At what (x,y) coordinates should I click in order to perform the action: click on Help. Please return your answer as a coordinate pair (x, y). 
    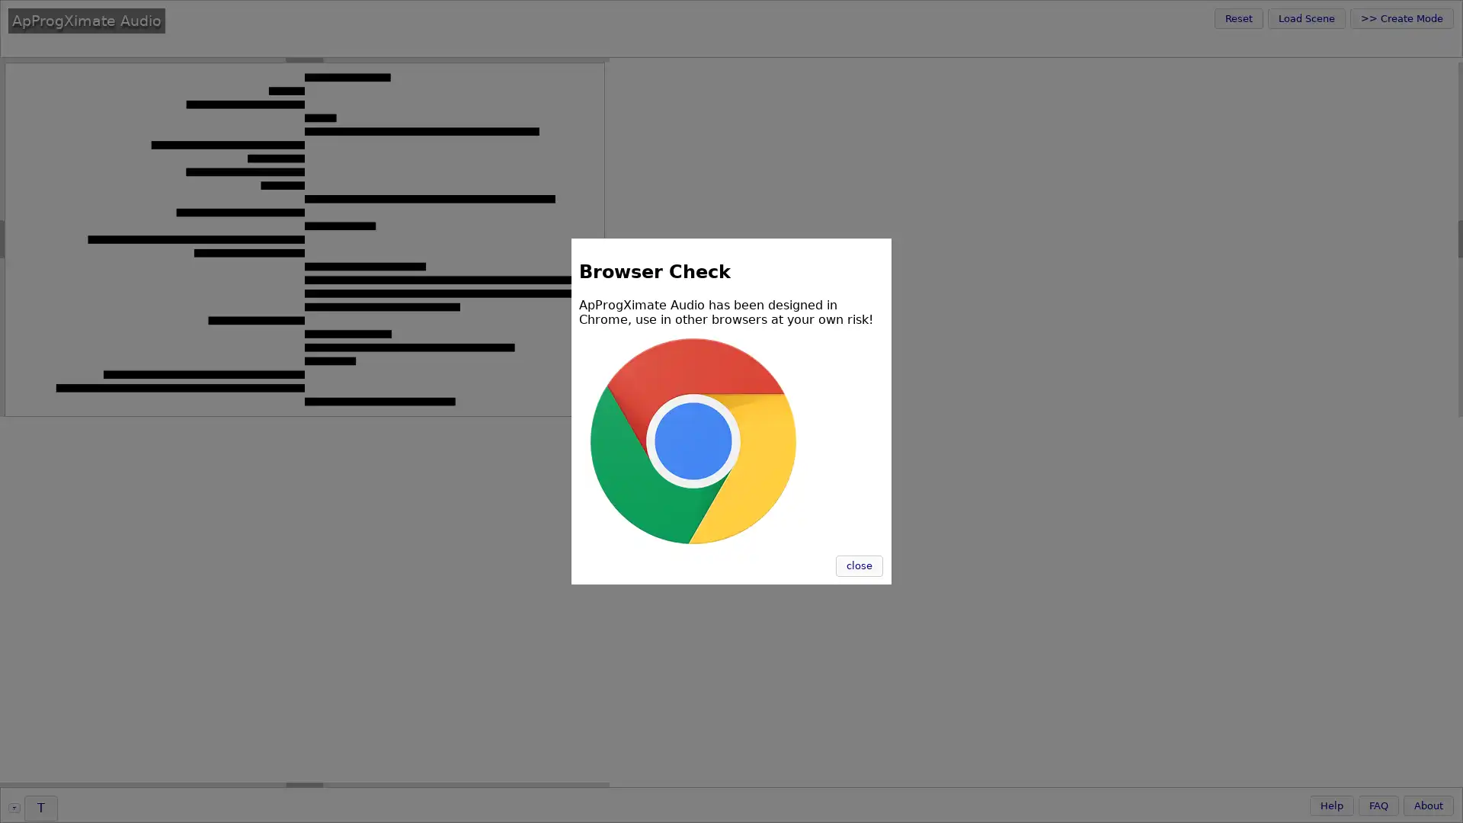
    Looking at the image, I should click on (1330, 798).